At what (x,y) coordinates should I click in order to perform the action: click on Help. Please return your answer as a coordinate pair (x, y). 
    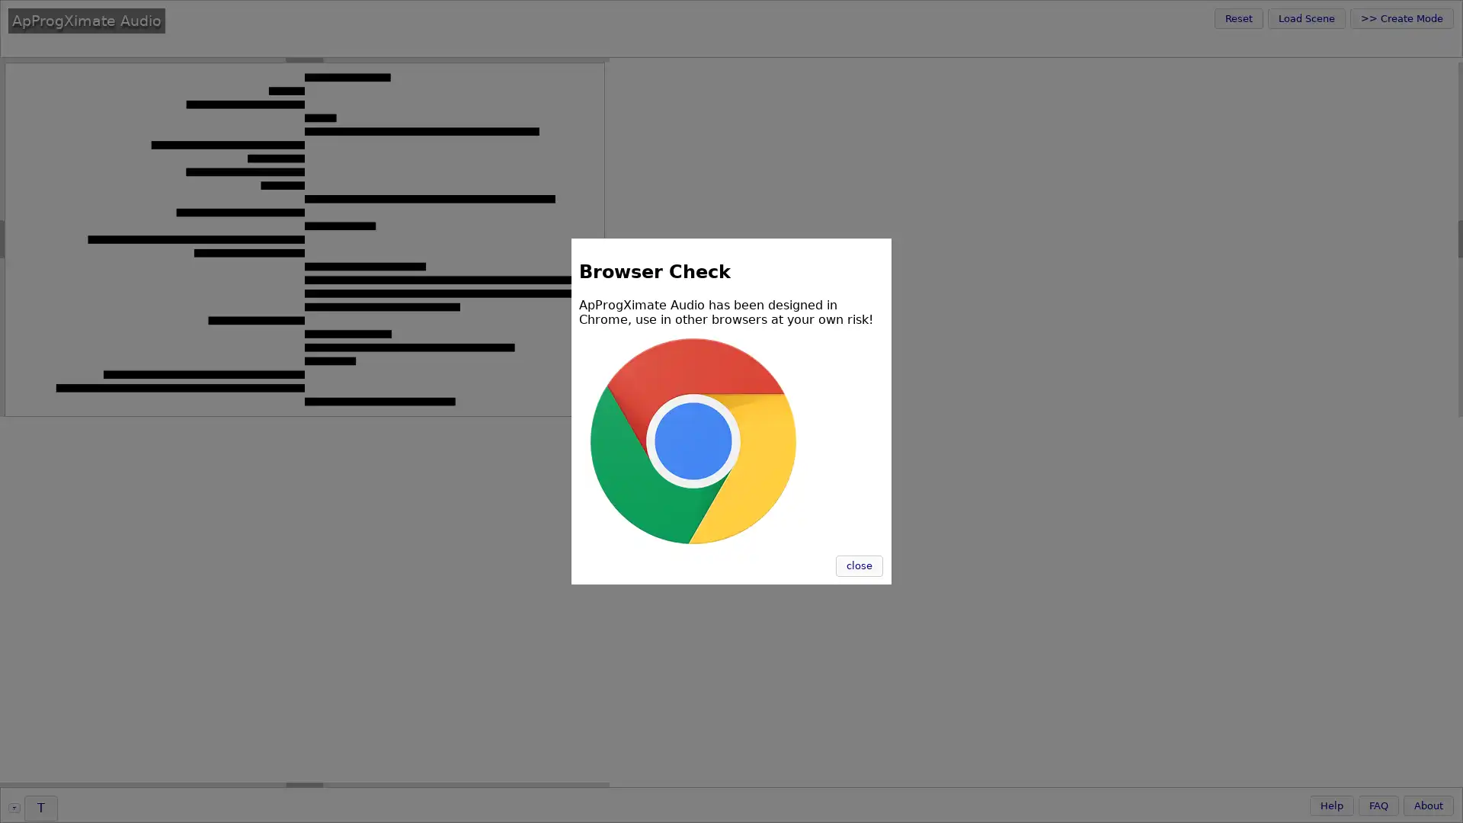
    Looking at the image, I should click on (1330, 798).